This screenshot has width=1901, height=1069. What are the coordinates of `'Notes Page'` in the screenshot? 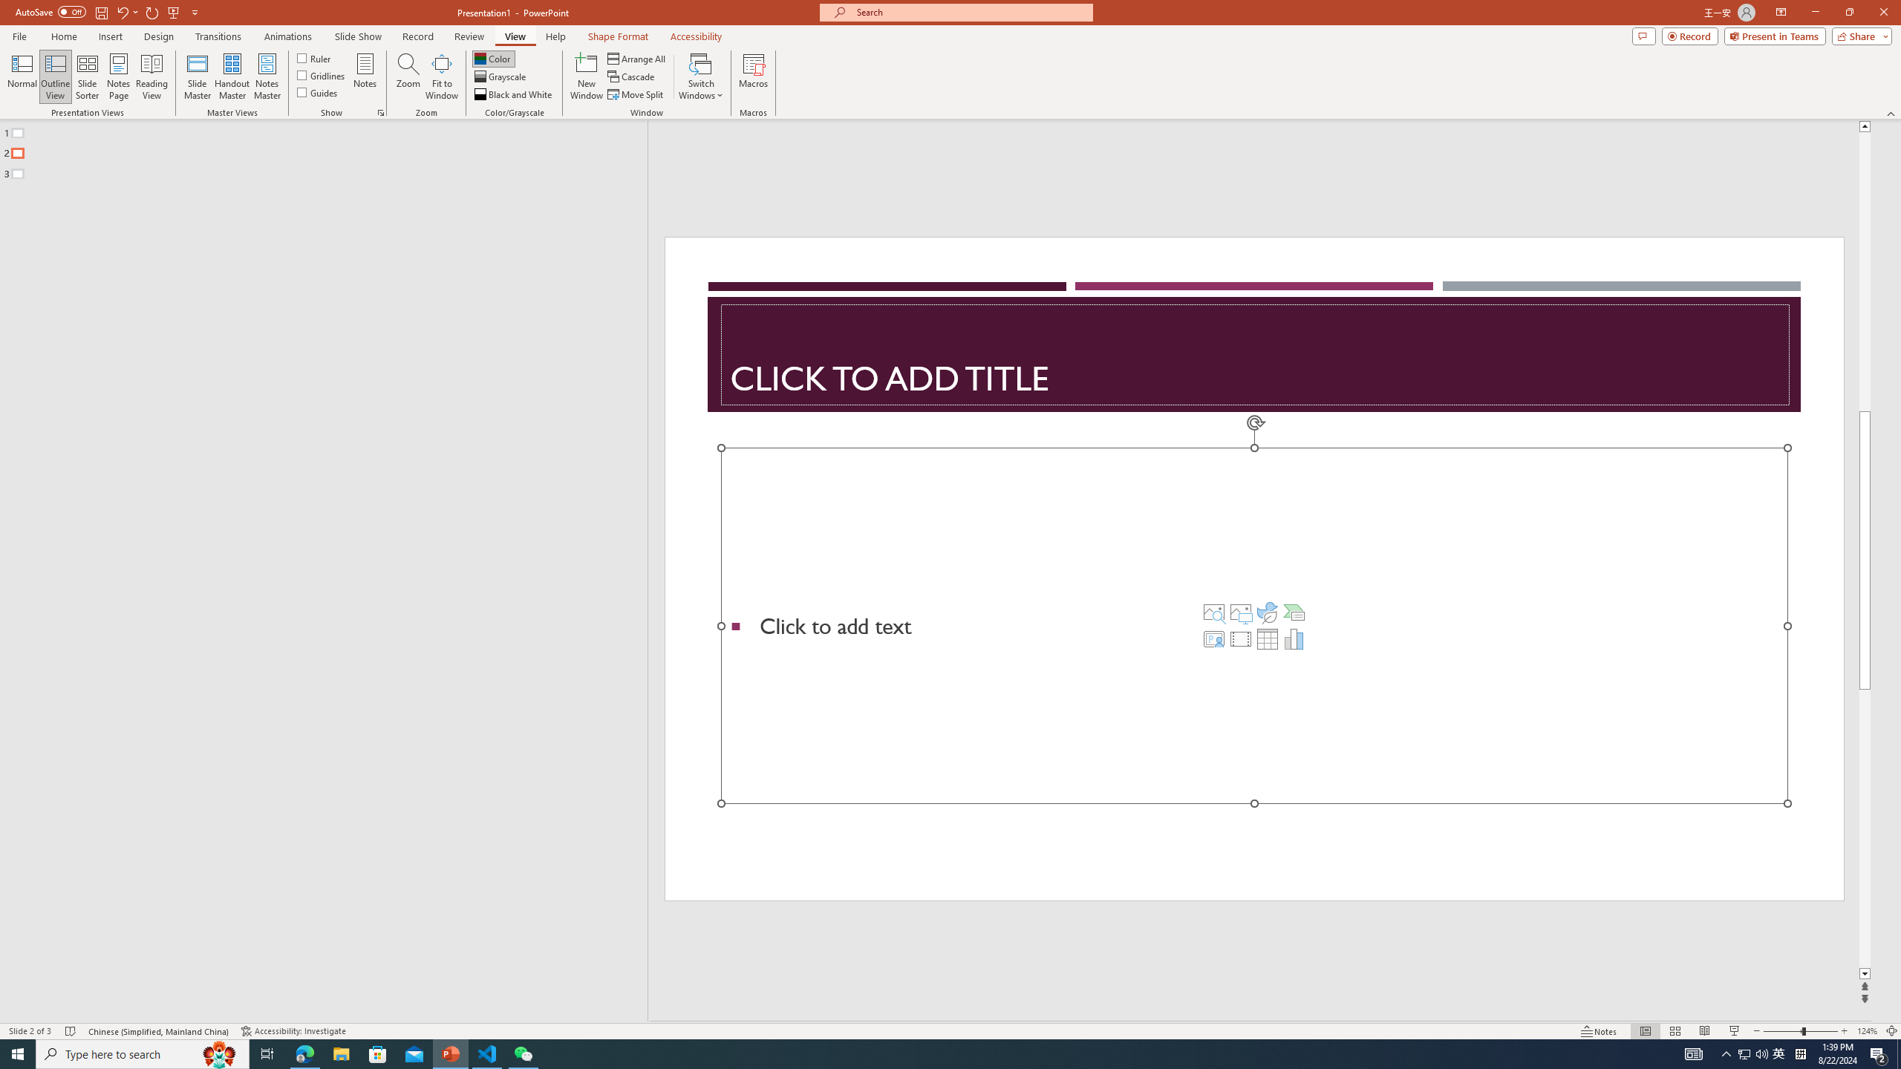 It's located at (118, 76).